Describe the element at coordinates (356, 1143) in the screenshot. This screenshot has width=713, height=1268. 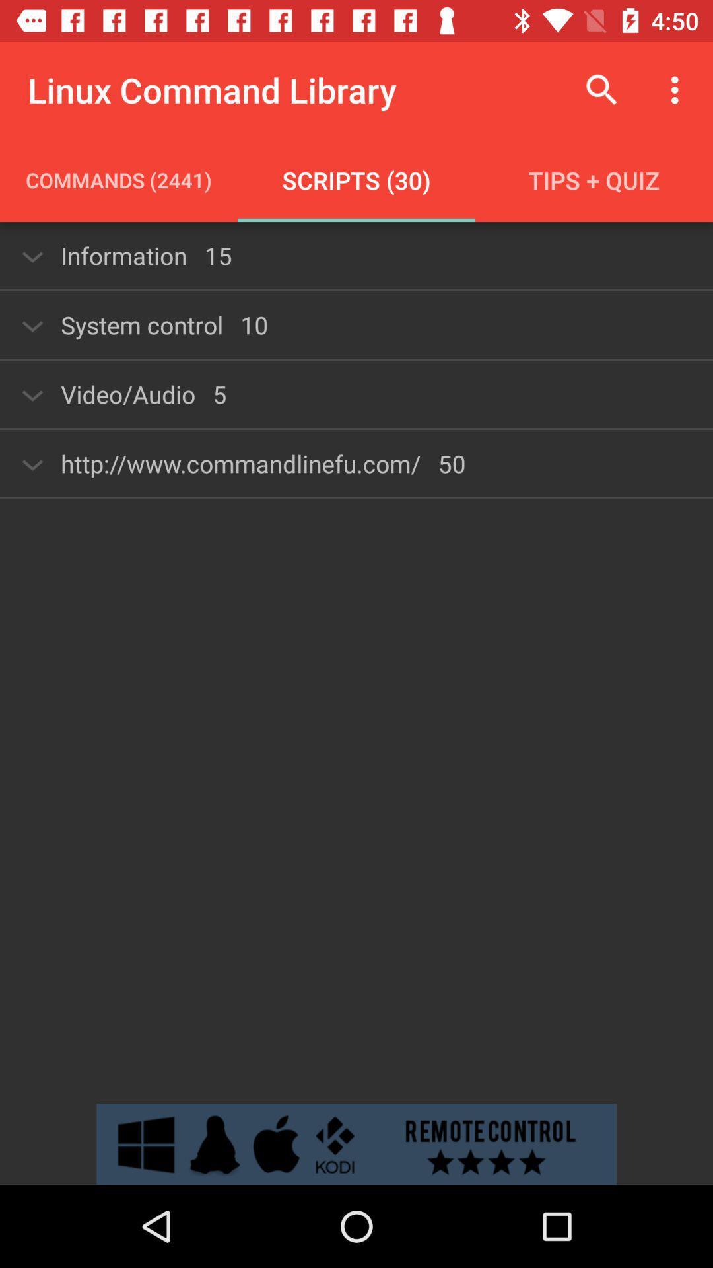
I see `compatability` at that location.